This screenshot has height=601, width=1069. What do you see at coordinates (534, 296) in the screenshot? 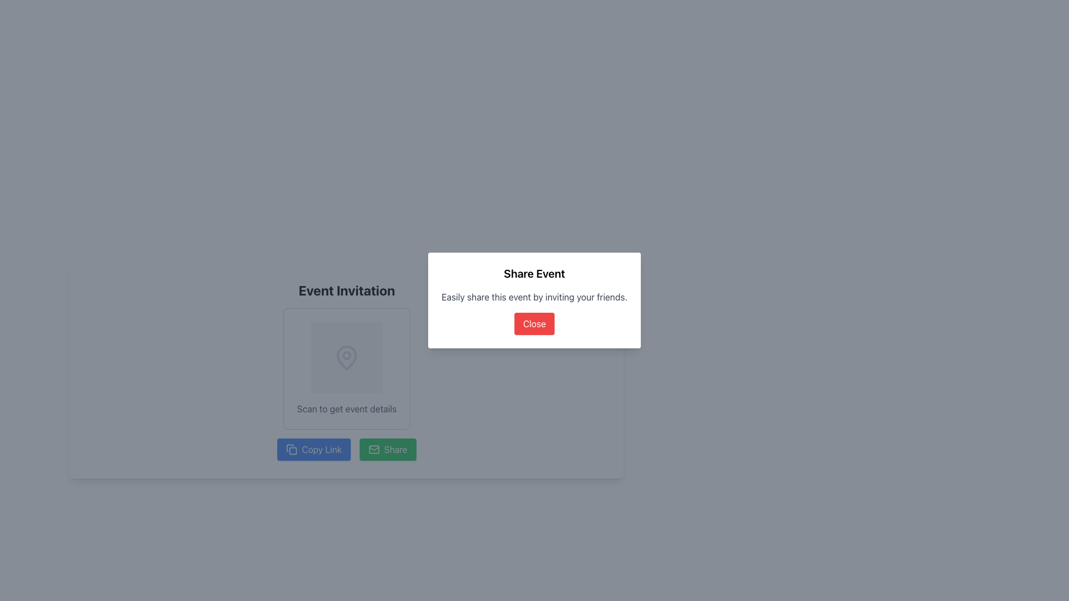
I see `the text element that provides instructions for sharing the event, located below the 'Share Event' title and above the 'Close' button` at bounding box center [534, 296].